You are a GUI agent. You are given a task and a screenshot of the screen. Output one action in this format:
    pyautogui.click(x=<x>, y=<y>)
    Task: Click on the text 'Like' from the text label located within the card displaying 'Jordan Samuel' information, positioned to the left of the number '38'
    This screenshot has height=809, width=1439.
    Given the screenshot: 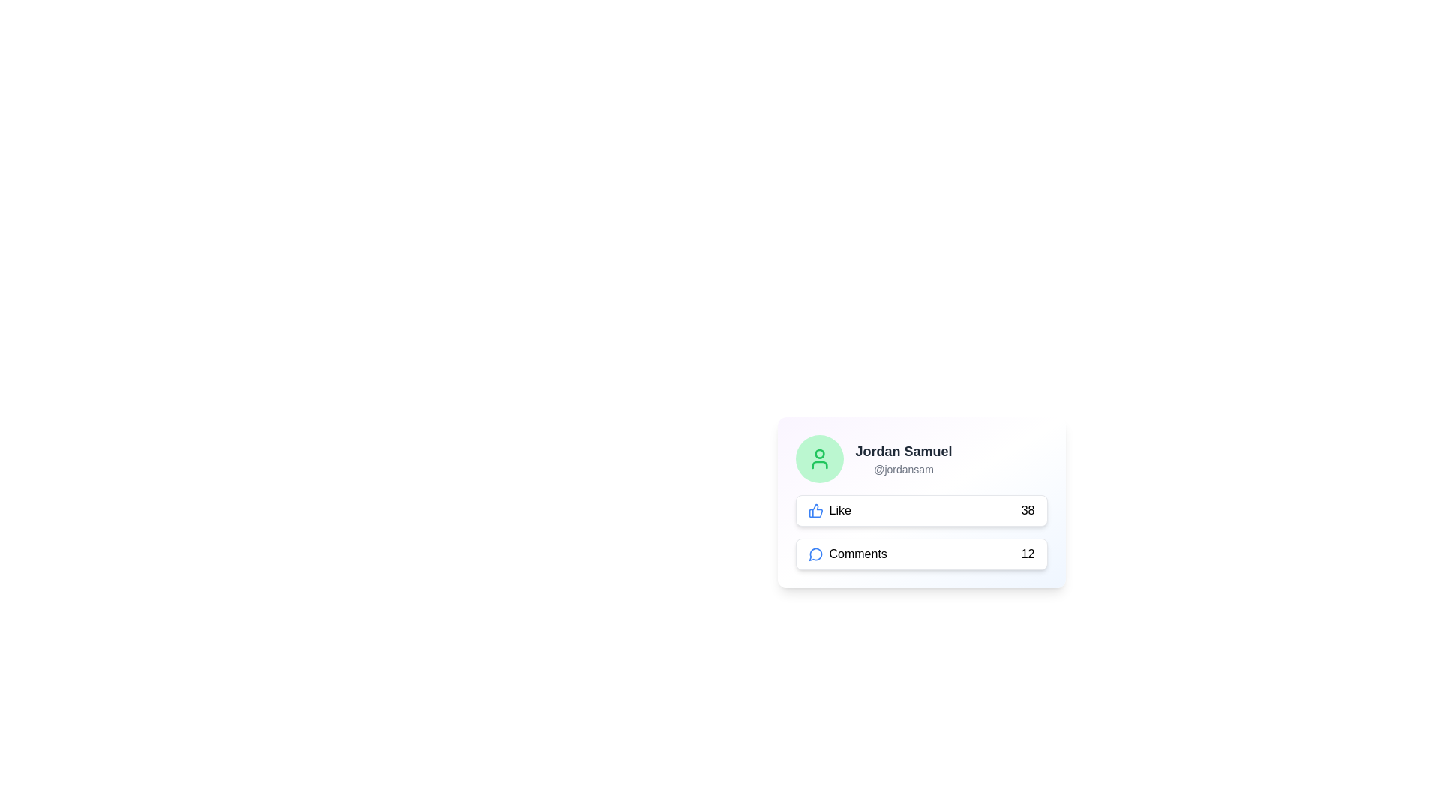 What is the action you would take?
    pyautogui.click(x=829, y=510)
    